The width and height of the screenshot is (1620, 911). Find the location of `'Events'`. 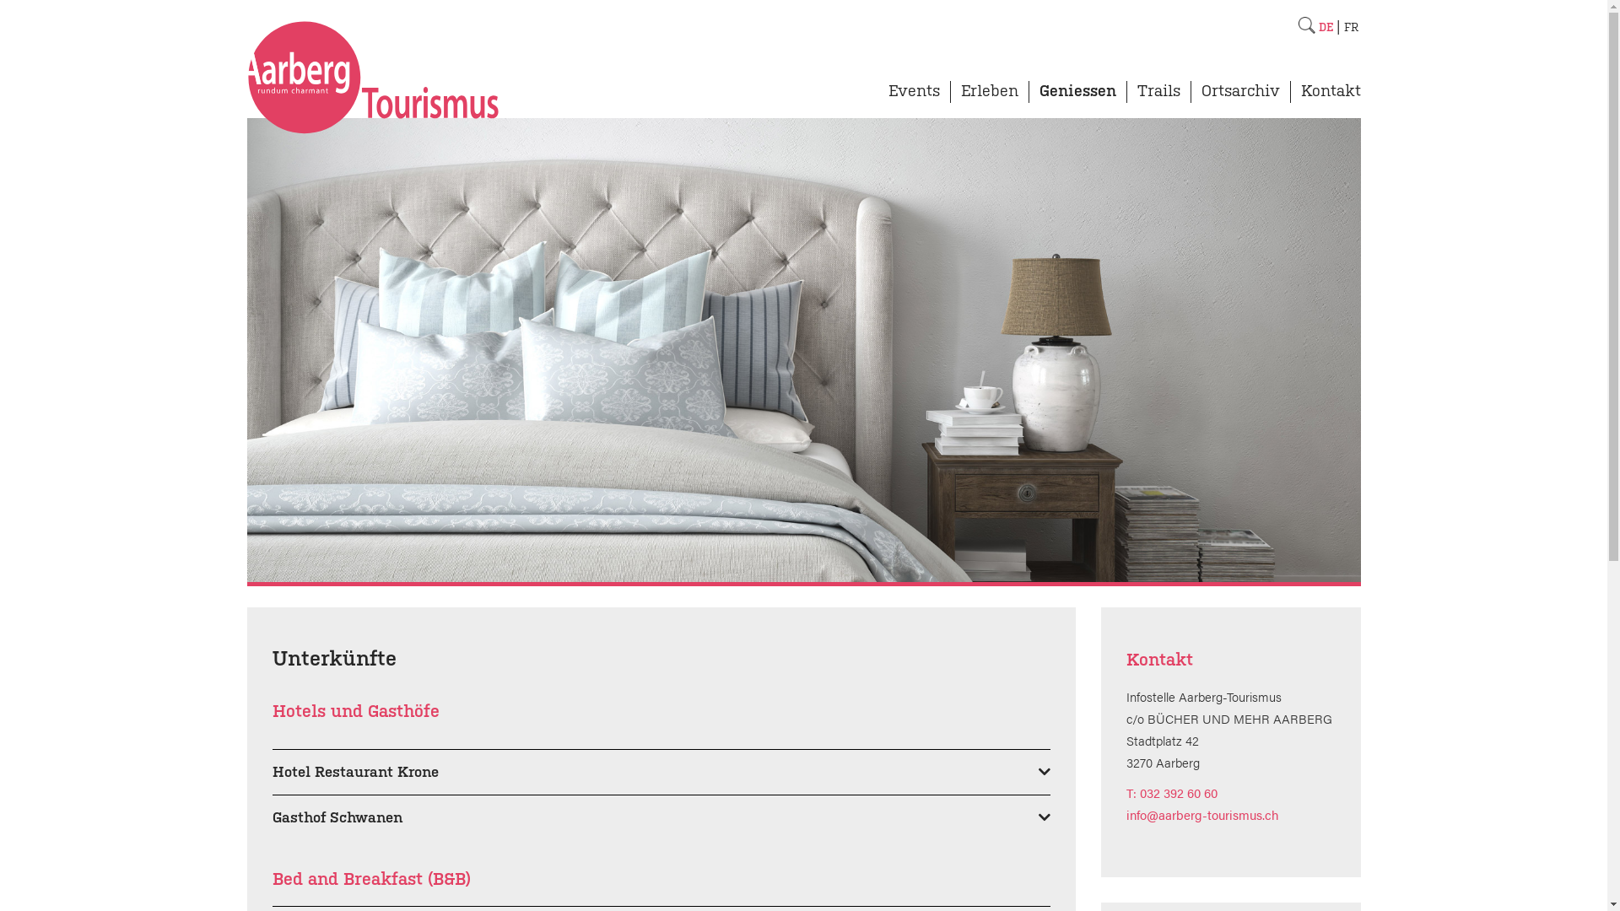

'Events' is located at coordinates (912, 97).